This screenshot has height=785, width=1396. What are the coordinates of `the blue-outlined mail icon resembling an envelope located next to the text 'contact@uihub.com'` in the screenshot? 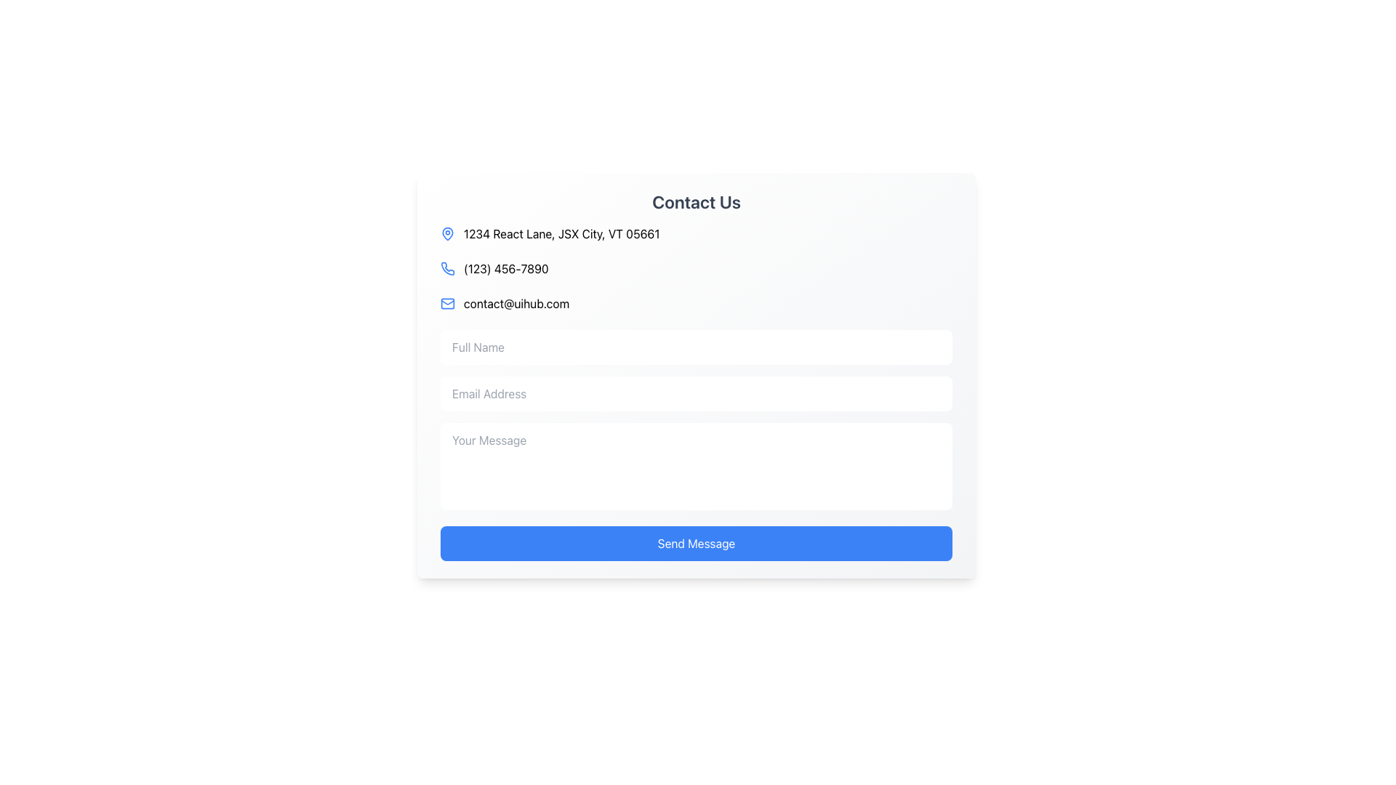 It's located at (446, 302).